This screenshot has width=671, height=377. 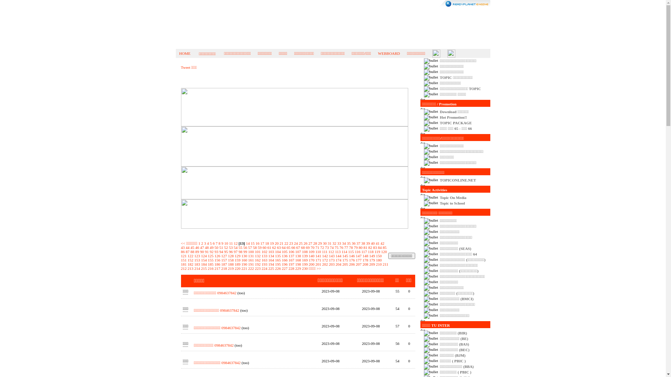 I want to click on '64', so click(x=283, y=247).